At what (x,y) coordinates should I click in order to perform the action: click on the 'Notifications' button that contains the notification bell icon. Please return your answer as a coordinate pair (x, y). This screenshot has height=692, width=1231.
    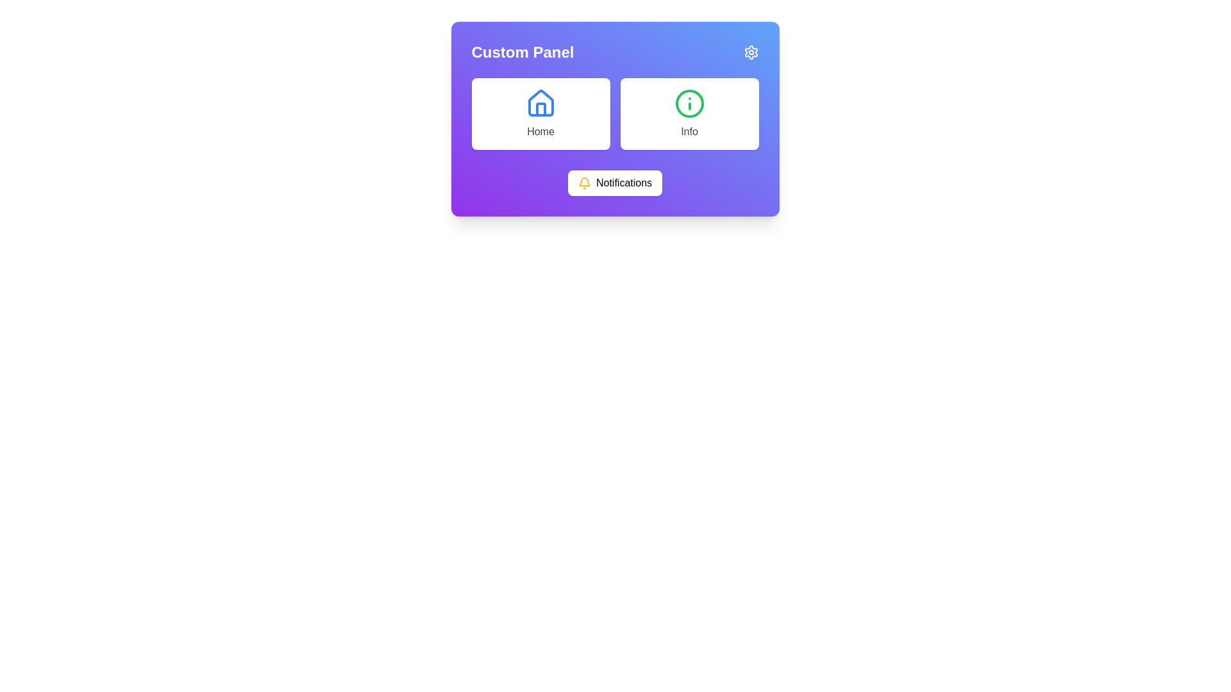
    Looking at the image, I should click on (584, 183).